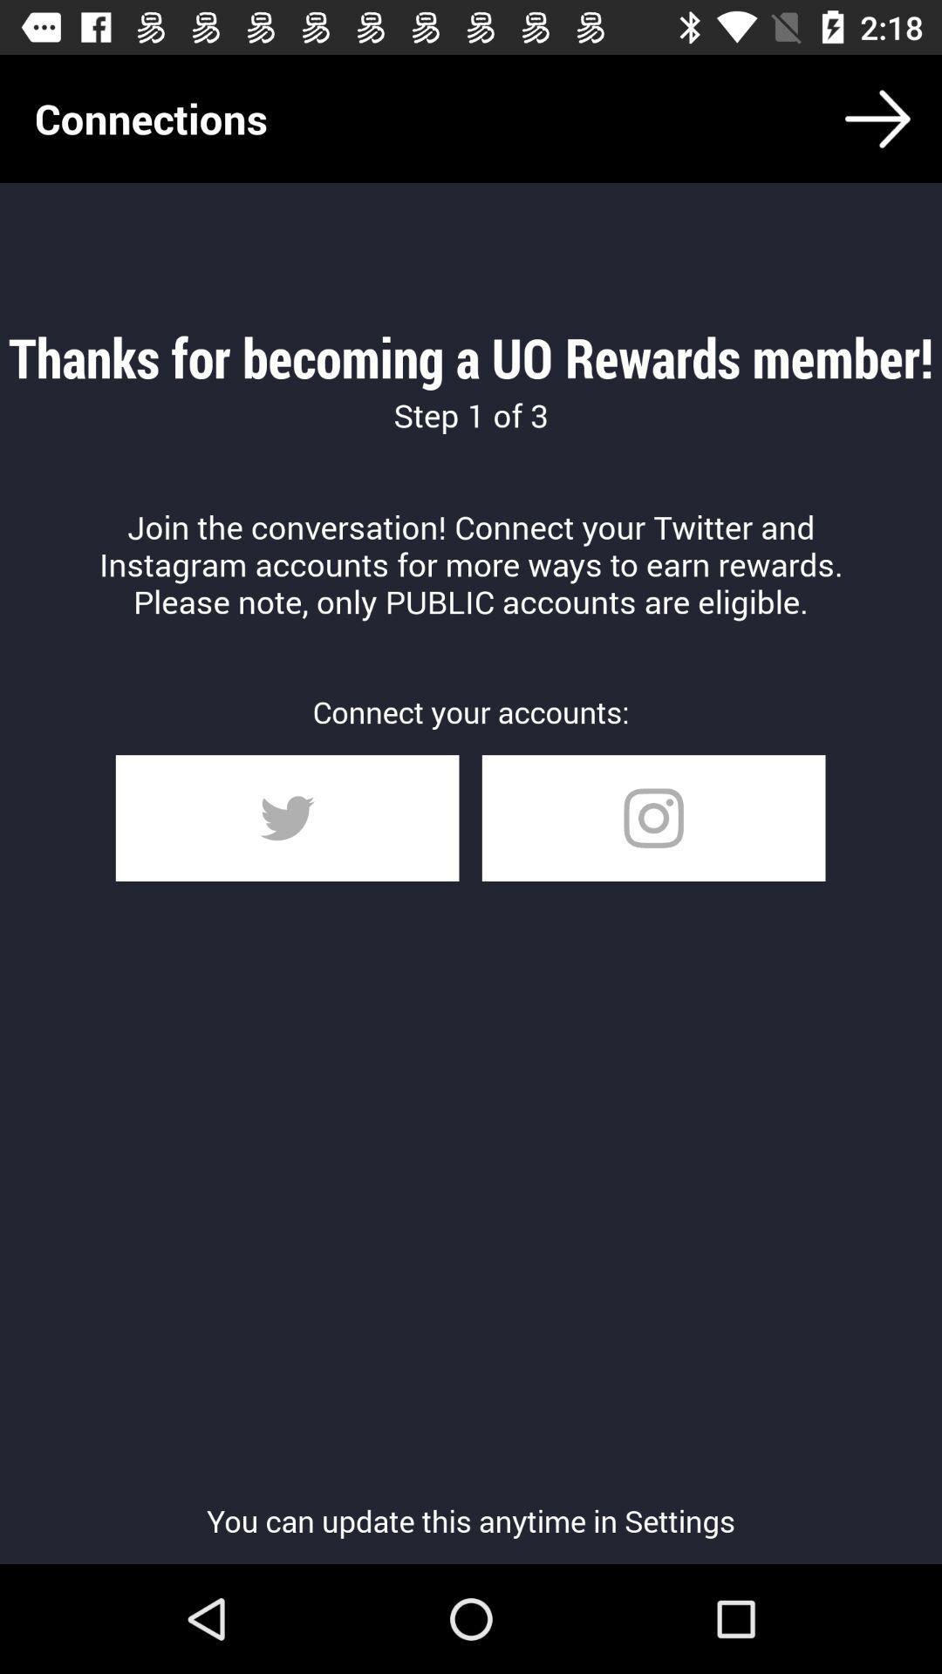 The height and width of the screenshot is (1674, 942). What do you see at coordinates (877, 118) in the screenshot?
I see `the item at the top right corner` at bounding box center [877, 118].